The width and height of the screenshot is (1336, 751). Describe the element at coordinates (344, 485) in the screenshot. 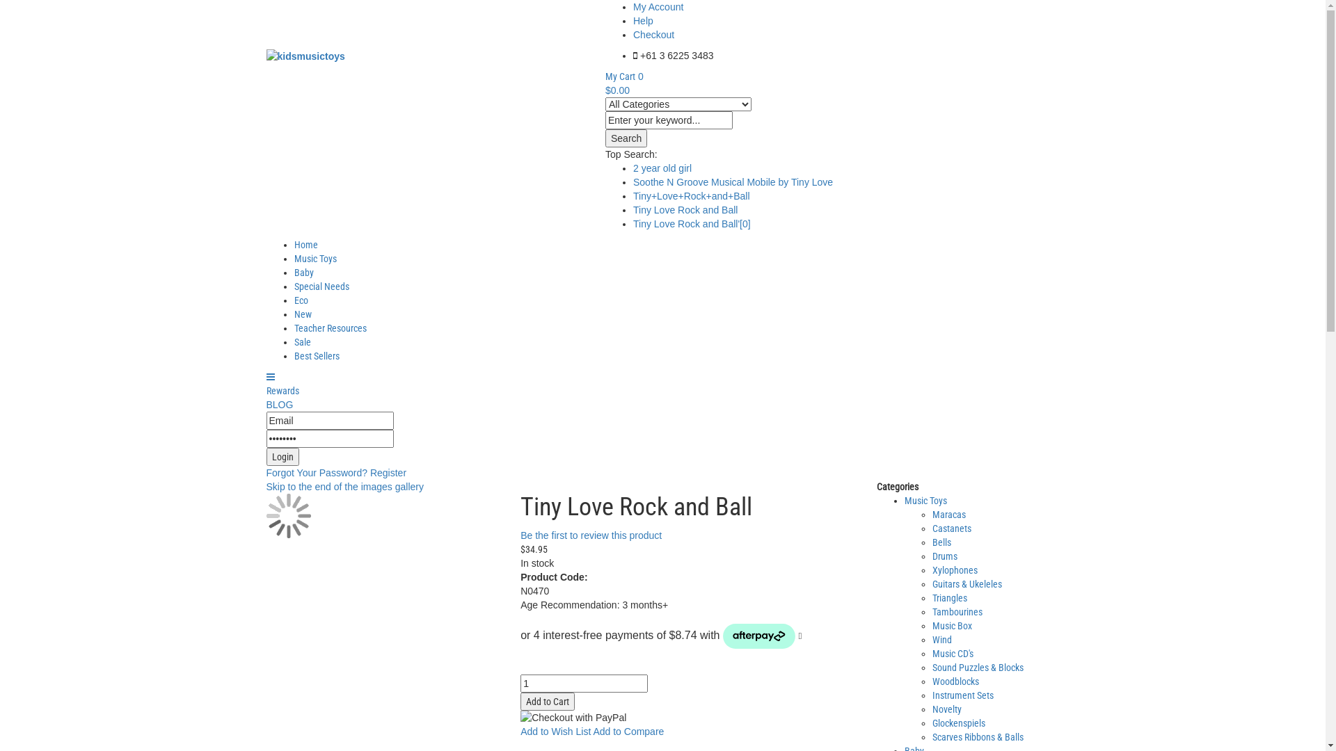

I see `'Skip to the end of the images gallery'` at that location.